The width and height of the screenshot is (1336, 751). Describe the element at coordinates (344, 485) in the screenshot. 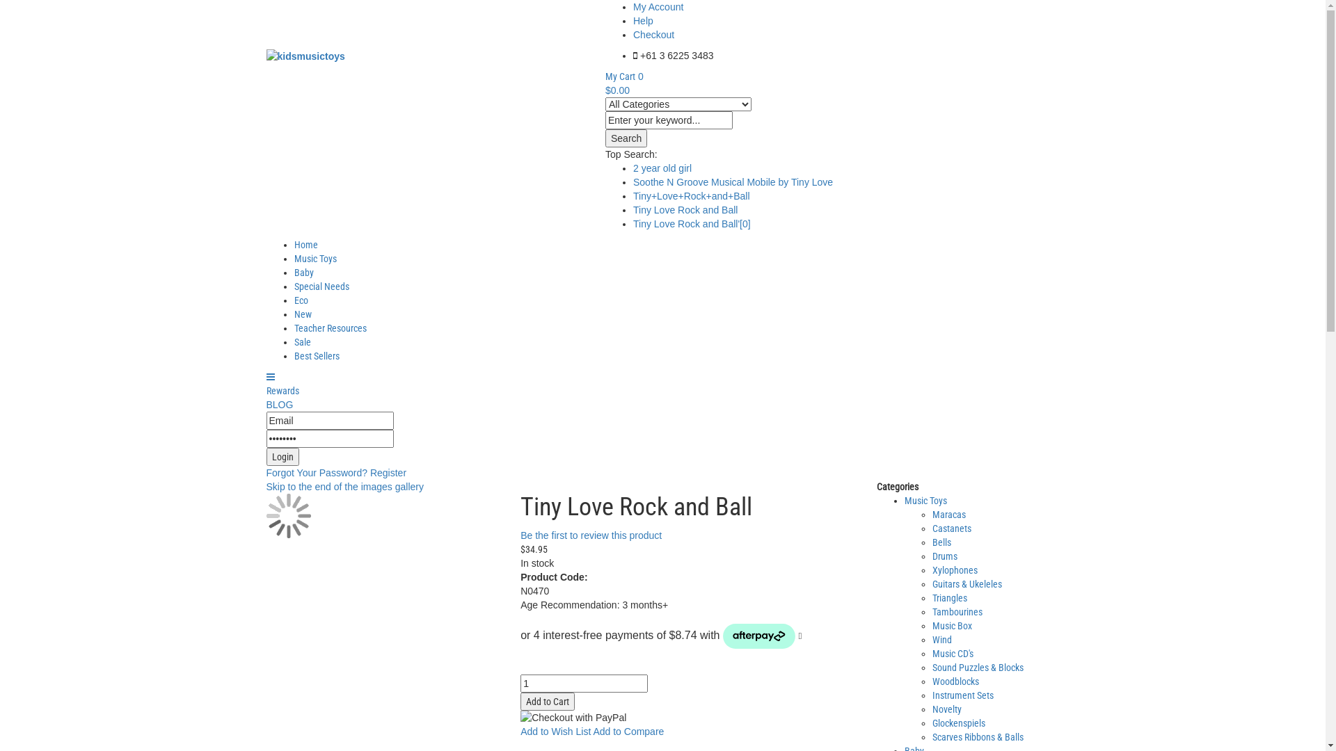

I see `'Skip to the end of the images gallery'` at that location.